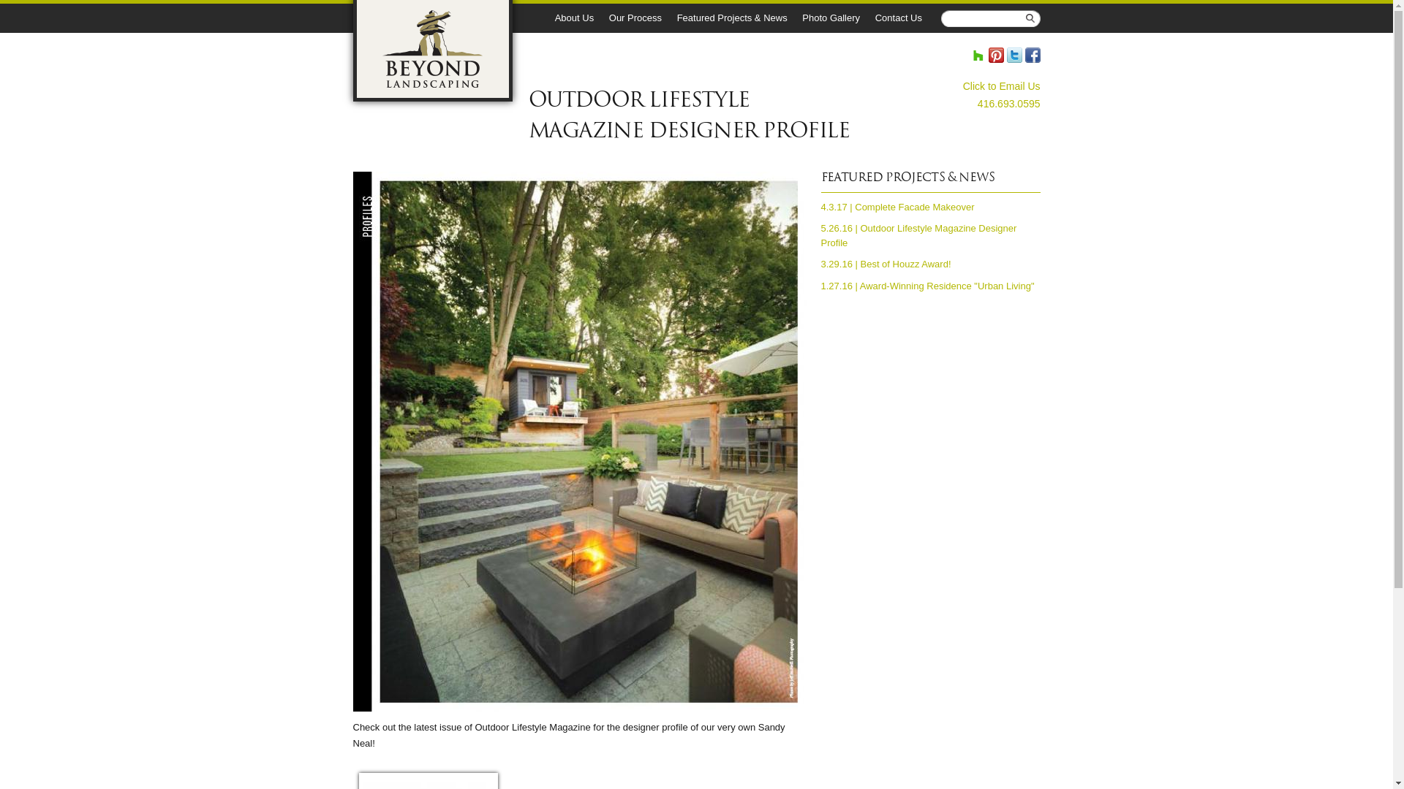  I want to click on 'Click to Email Us', so click(962, 86).